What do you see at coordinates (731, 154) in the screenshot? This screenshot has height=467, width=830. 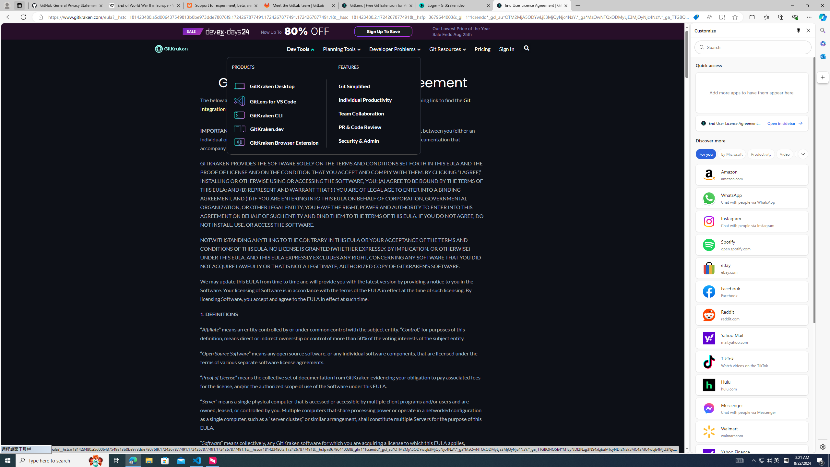 I see `'By Microsoft'` at bounding box center [731, 154].